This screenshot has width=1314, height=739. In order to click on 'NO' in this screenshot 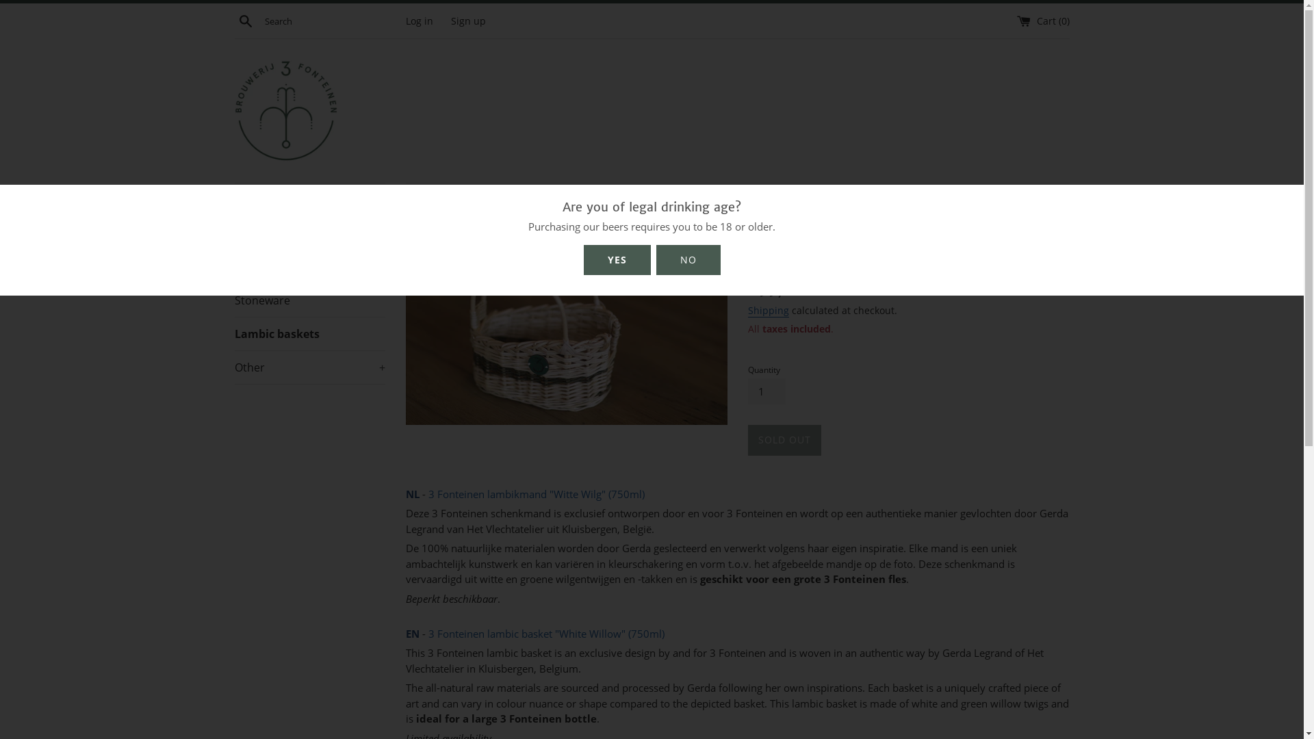, I will do `click(687, 260)`.